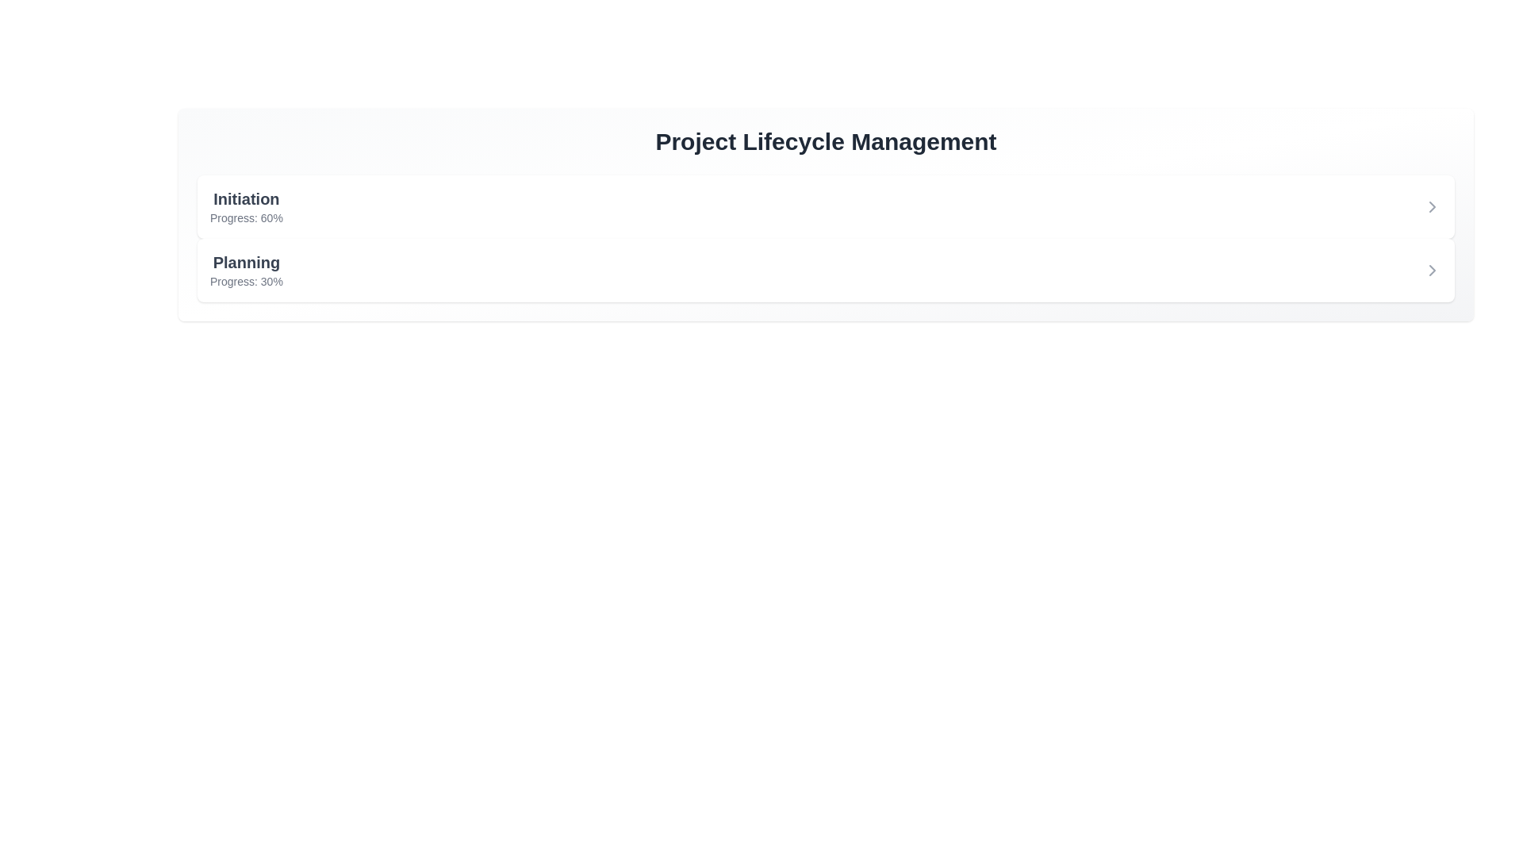 Image resolution: width=1523 pixels, height=857 pixels. Describe the element at coordinates (245, 269) in the screenshot. I see `the Text Block element displaying 'Planning' in bold gray font and 'Progress: 30%' in smaller light-gray font, located under the 'Initiation' heading` at that location.